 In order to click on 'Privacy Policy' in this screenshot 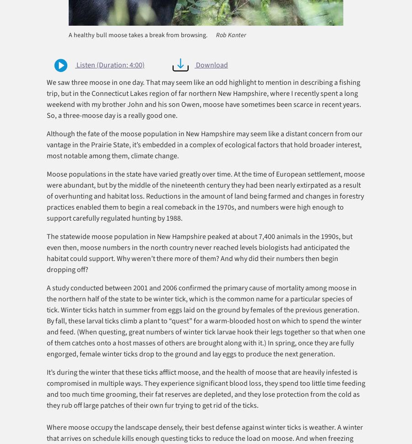, I will do `click(132, 432)`.